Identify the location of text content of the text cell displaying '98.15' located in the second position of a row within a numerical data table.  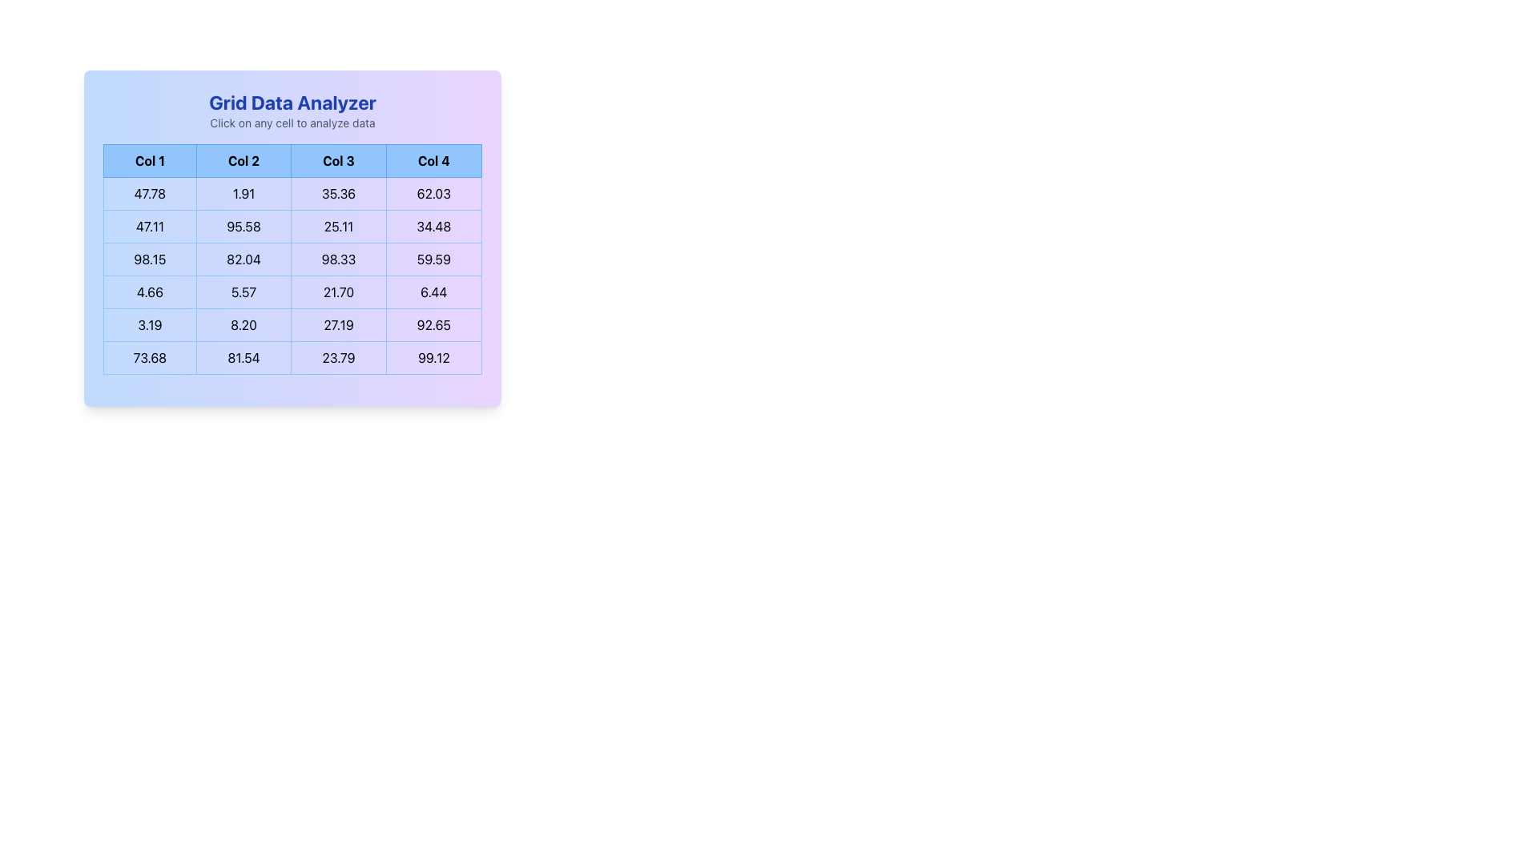
(150, 259).